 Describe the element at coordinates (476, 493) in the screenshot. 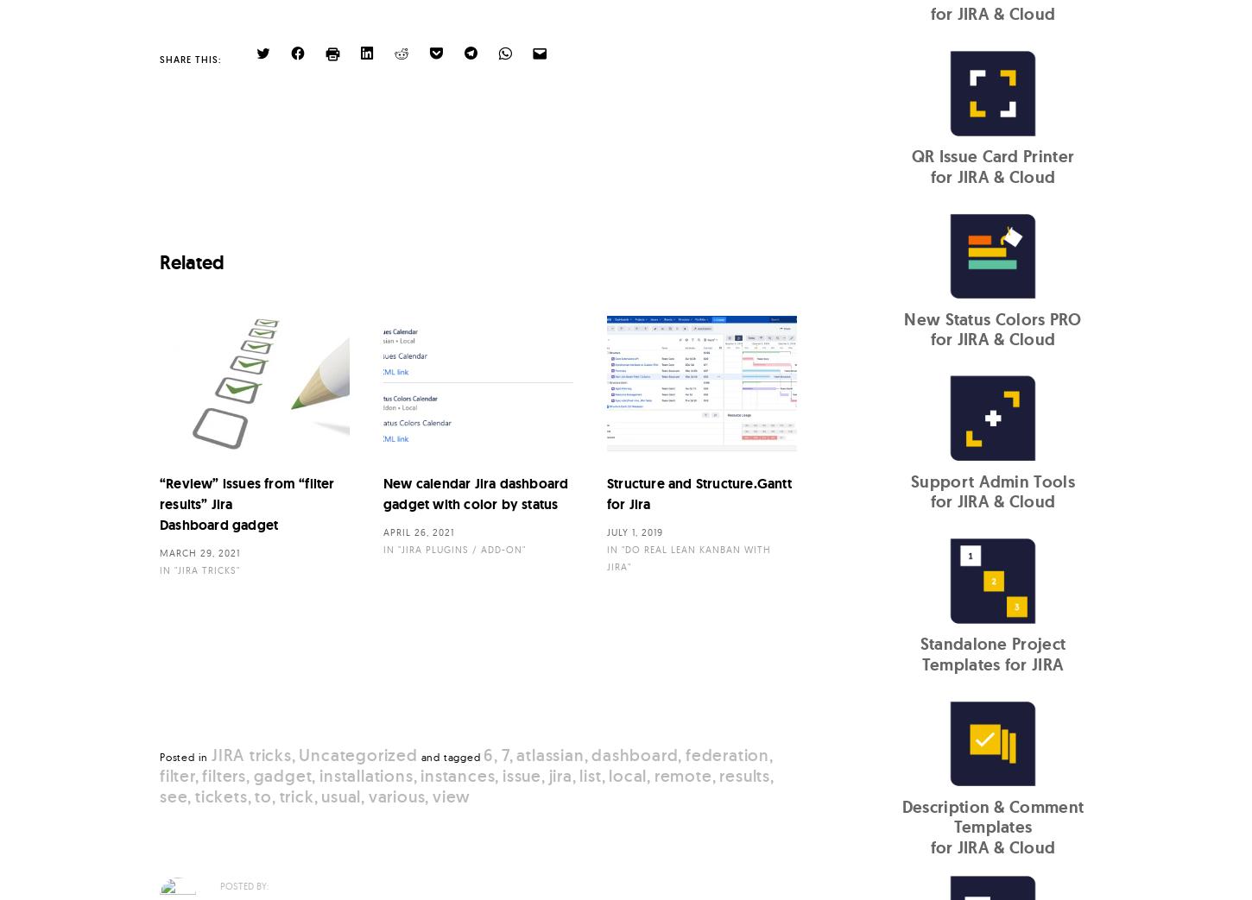

I see `'New calendar Jira dashboard gadget with color by status'` at that location.